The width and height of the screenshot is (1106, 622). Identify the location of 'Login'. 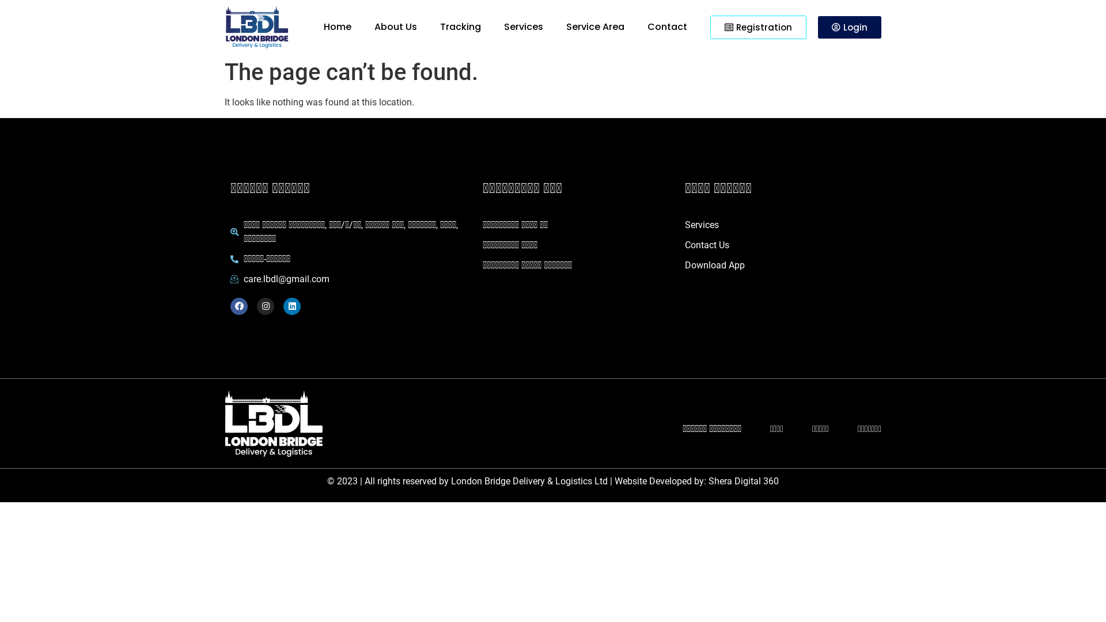
(849, 26).